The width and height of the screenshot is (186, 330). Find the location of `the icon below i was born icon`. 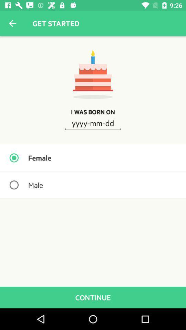

the icon below i was born icon is located at coordinates (93, 123).